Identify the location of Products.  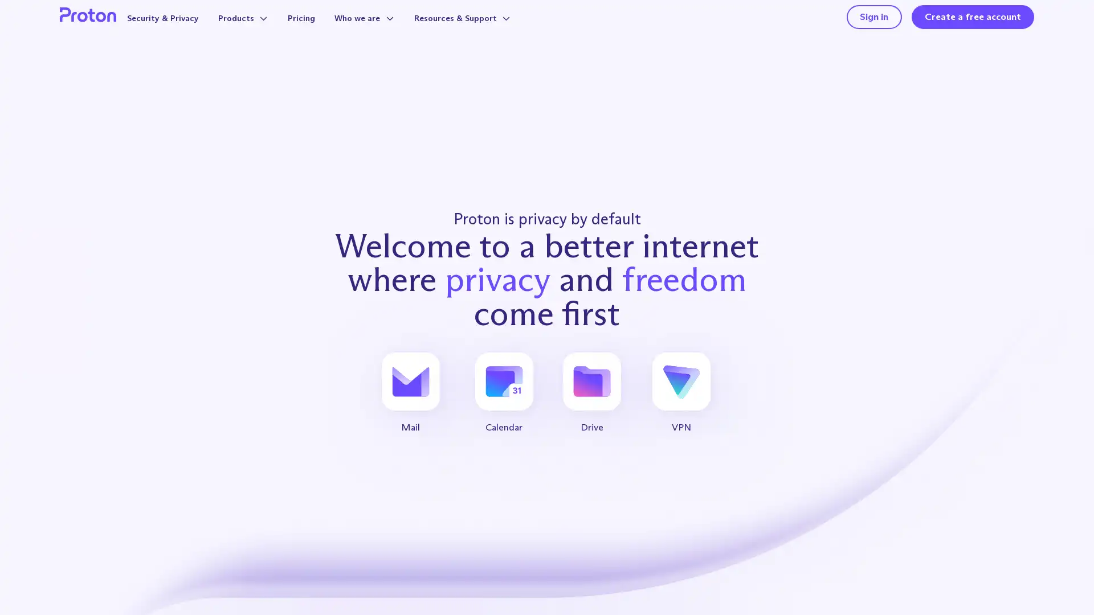
(258, 29).